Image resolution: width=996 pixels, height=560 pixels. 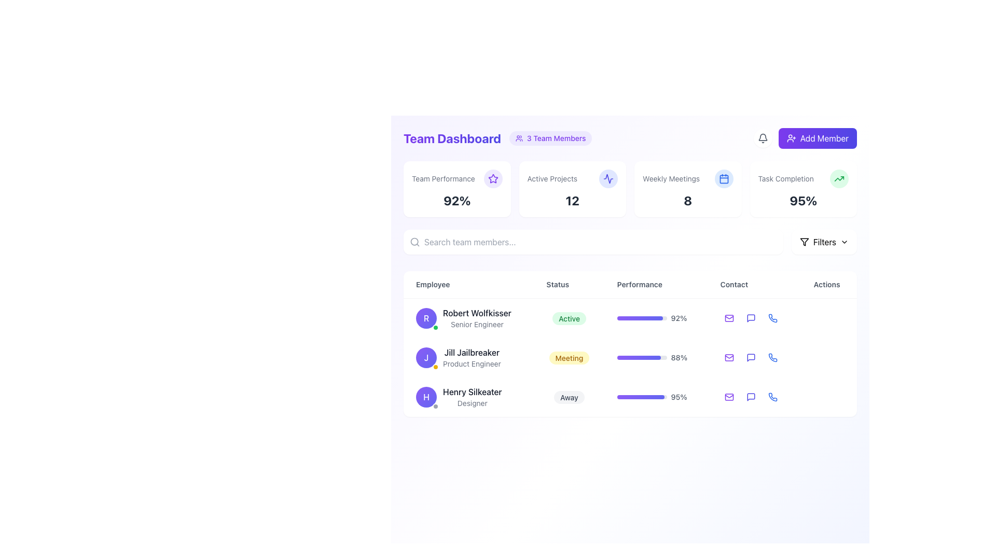 What do you see at coordinates (803, 189) in the screenshot?
I see `the 'Task Completion' interactive card, which is the fourth card in a row of summary cards, featuring a white background, rounded corners, and displaying a title in gray and a percentage indicator in dark gray` at bounding box center [803, 189].